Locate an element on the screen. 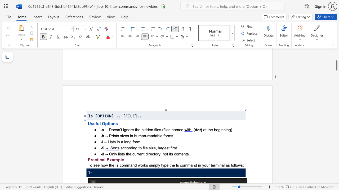 Image resolution: width=339 pixels, height=190 pixels. the 4th character "n" in the text is located at coordinates (220, 165).